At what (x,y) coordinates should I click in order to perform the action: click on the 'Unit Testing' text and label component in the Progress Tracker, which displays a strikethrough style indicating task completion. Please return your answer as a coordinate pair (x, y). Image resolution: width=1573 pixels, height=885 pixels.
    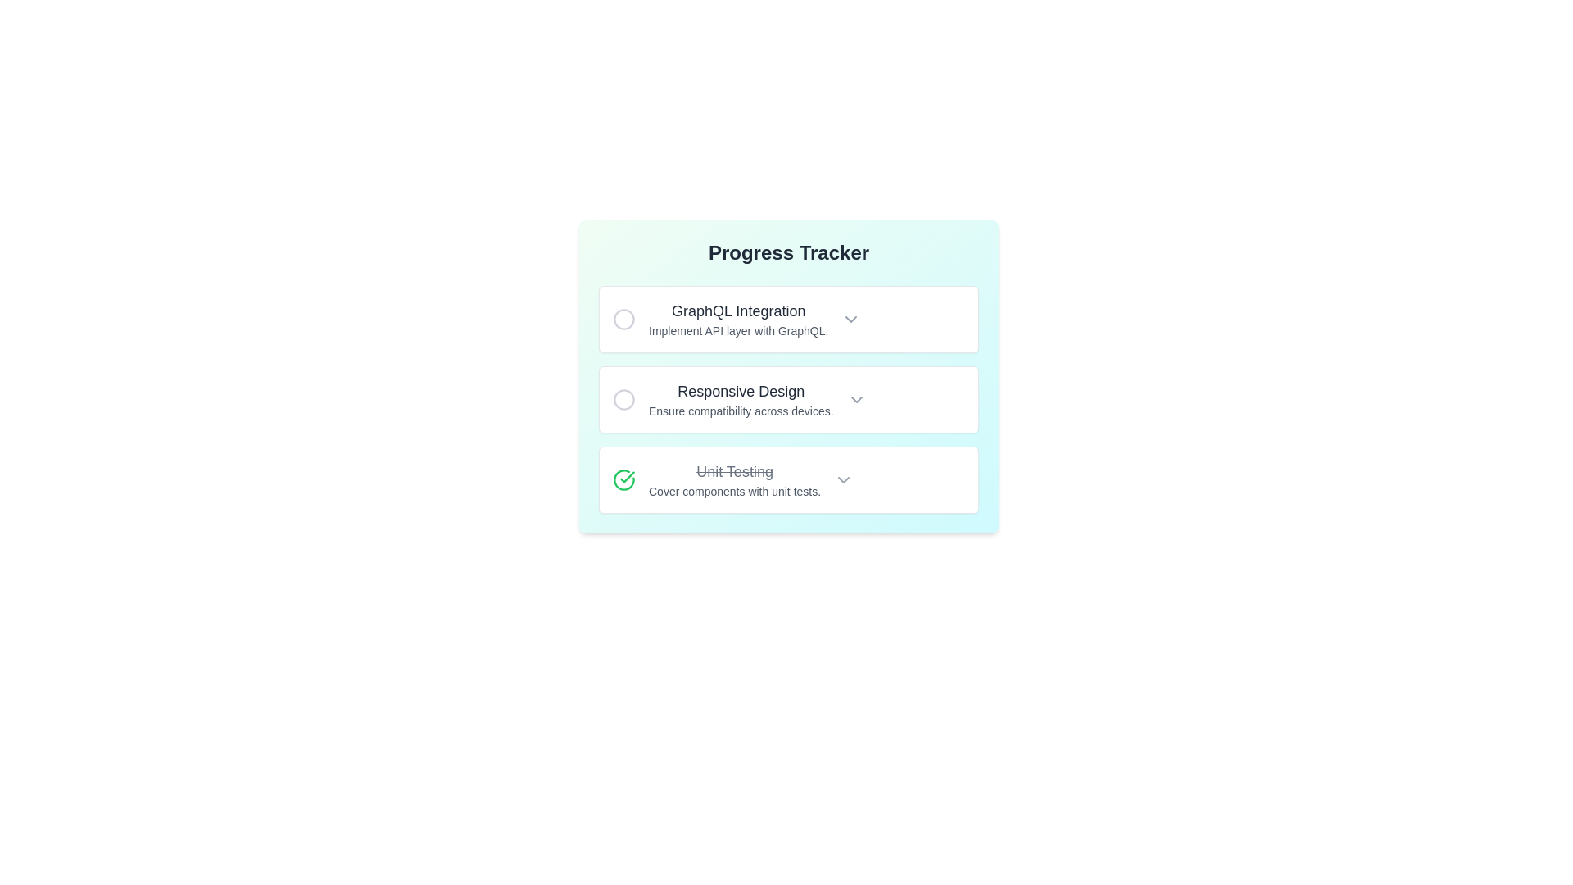
    Looking at the image, I should click on (734, 479).